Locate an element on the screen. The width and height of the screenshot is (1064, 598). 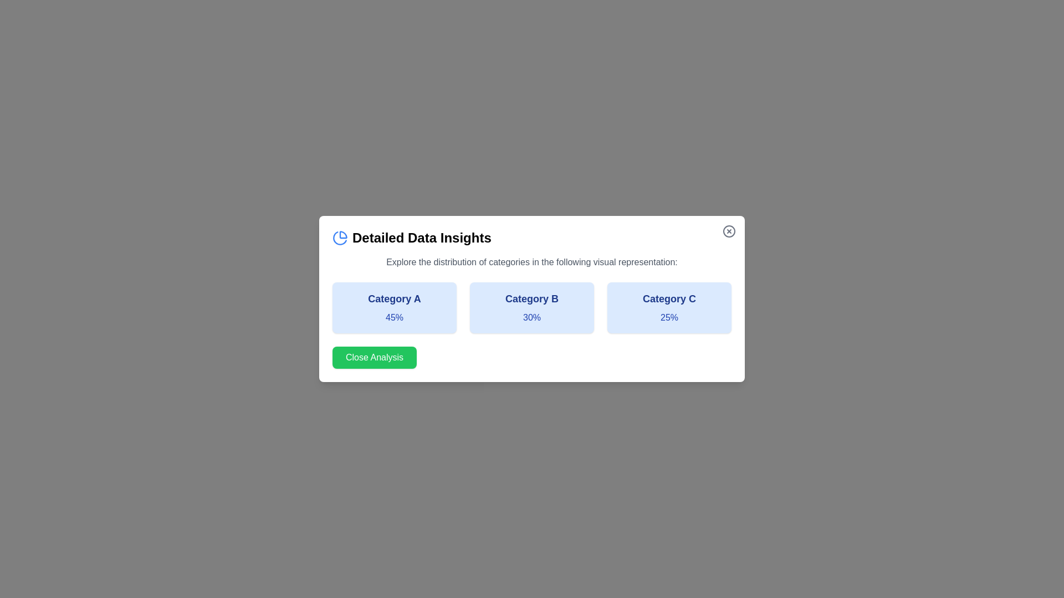
the Information card which has a light blue background, displays 'Category B' in bold blue text at the top and '30%' in a smaller blue font below, positioned between 'Category A' and 'Category C' is located at coordinates (532, 307).